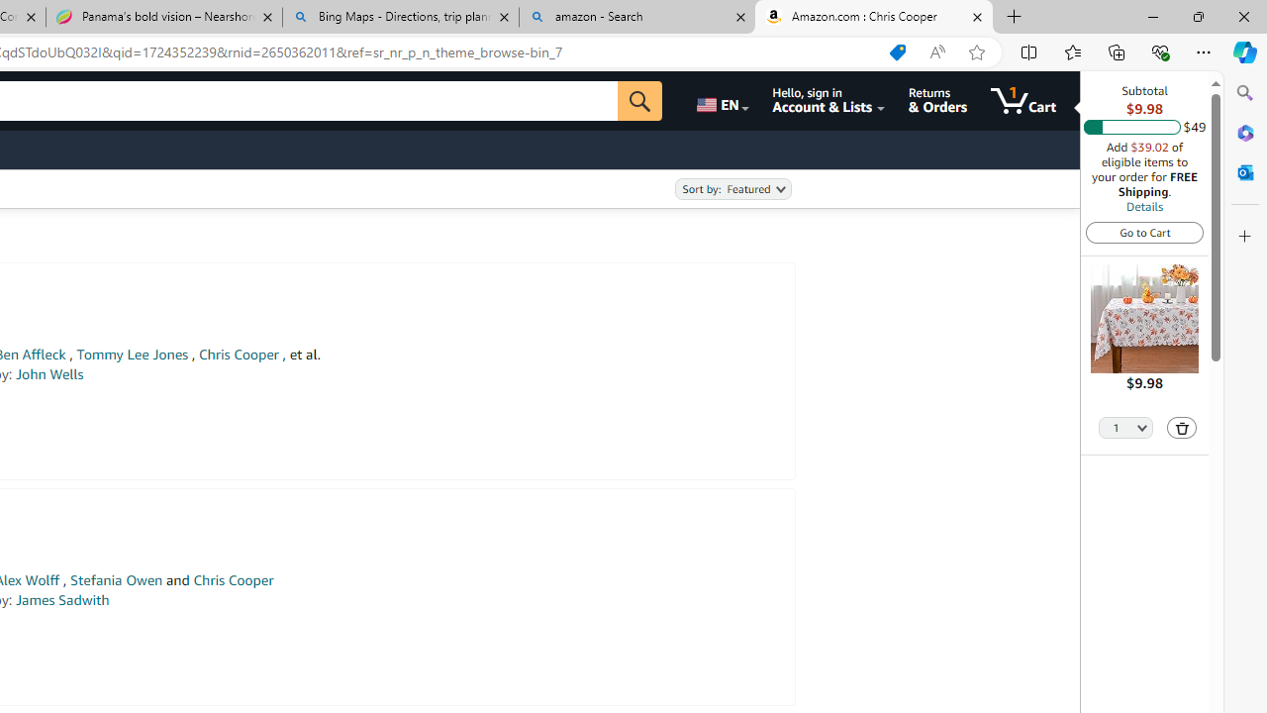  What do you see at coordinates (1023, 100) in the screenshot?
I see `'1 item in cart'` at bounding box center [1023, 100].